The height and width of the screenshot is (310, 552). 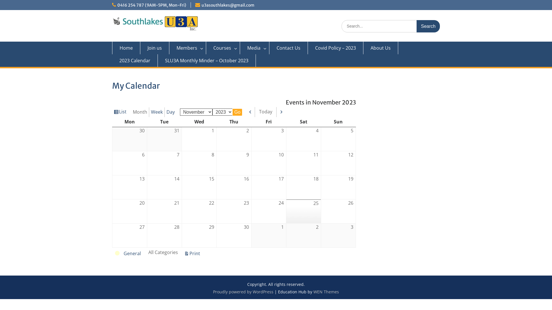 What do you see at coordinates (390, 26) in the screenshot?
I see `'Search for:'` at bounding box center [390, 26].